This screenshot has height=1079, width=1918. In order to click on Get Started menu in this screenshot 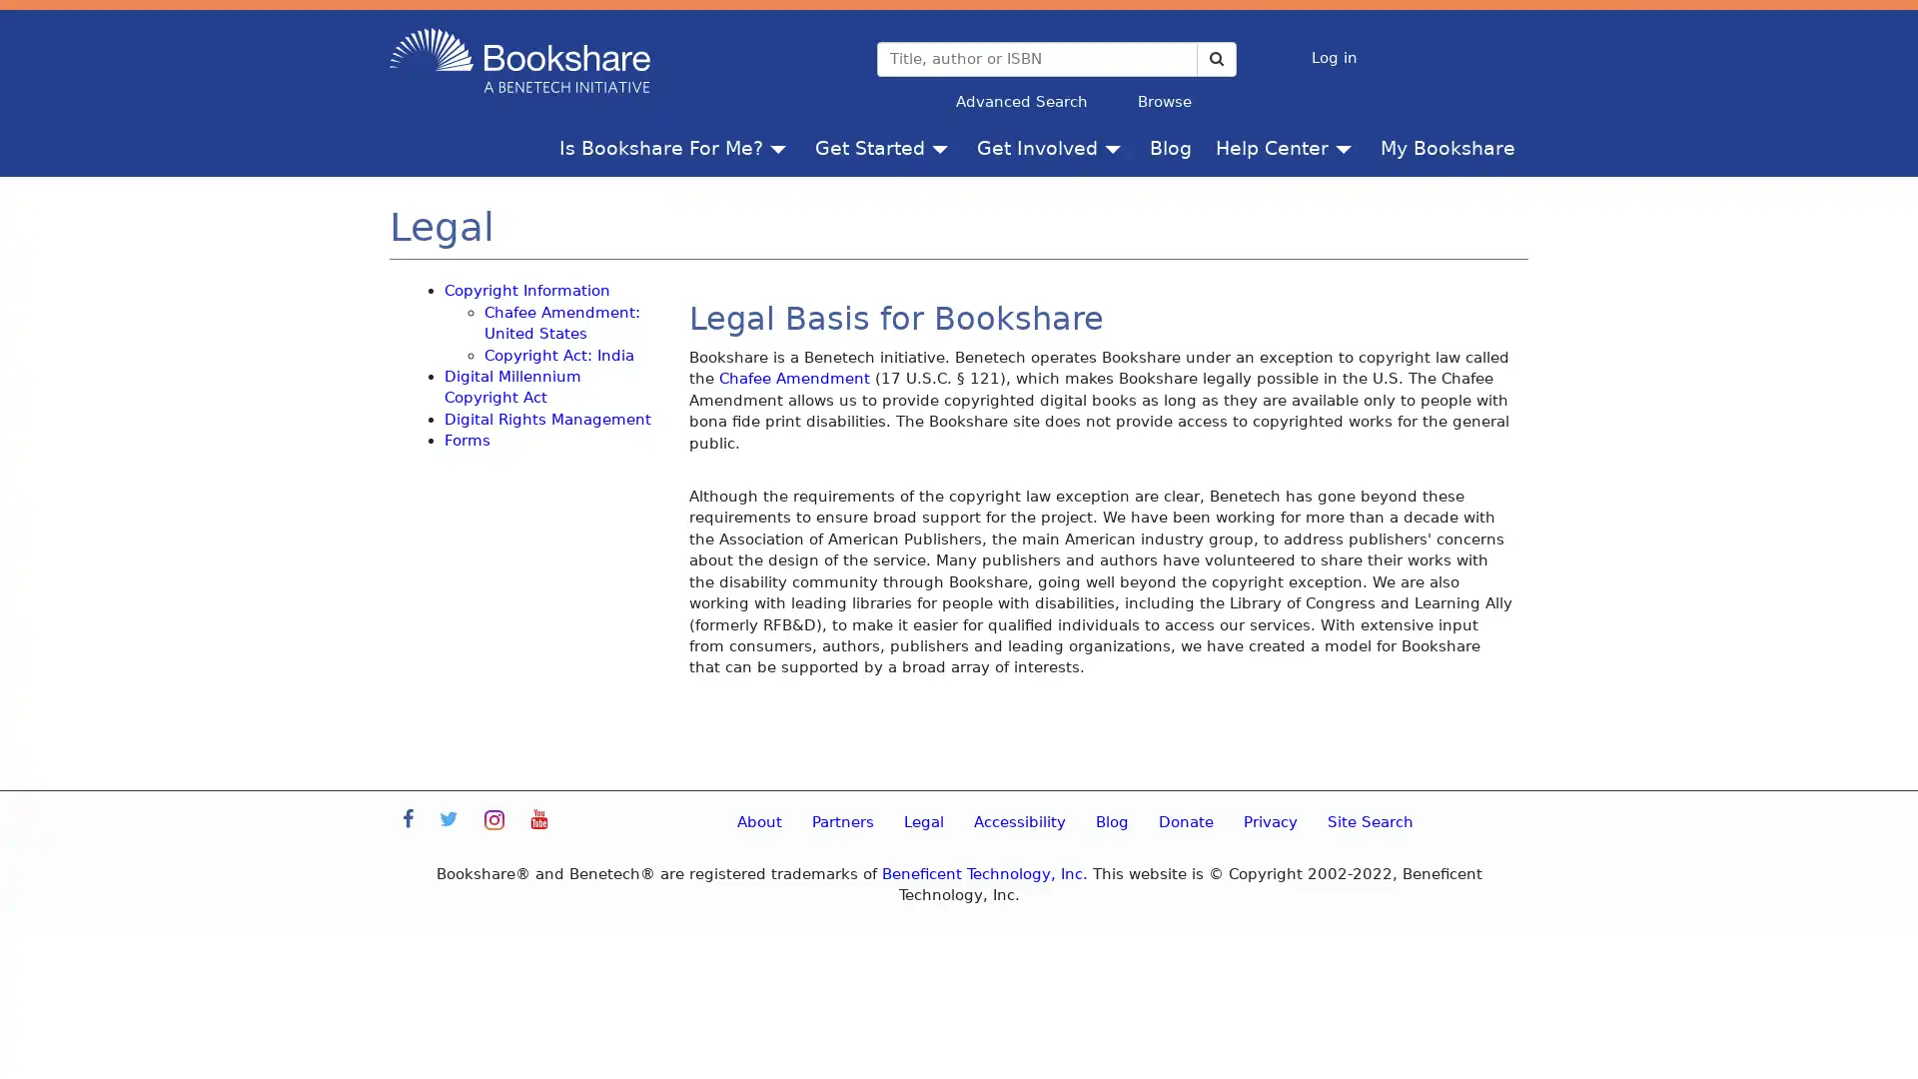, I will do `click(943, 146)`.